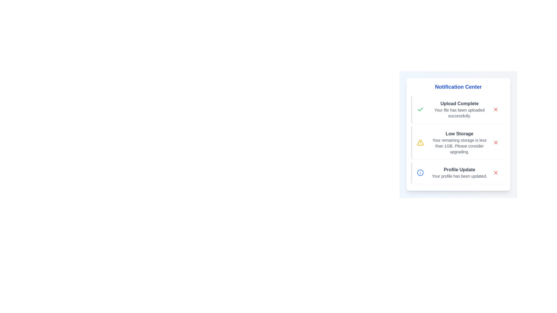  What do you see at coordinates (495, 172) in the screenshot?
I see `the red 'X' icon button located next to the notification text in the 'Profile Update' section` at bounding box center [495, 172].